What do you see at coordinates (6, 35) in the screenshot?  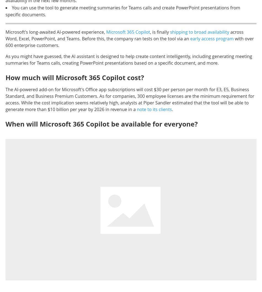 I see `'across Word, Excel, PowerPoint, and Teams. Before this, the company ran tests on the tool via an'` at bounding box center [6, 35].